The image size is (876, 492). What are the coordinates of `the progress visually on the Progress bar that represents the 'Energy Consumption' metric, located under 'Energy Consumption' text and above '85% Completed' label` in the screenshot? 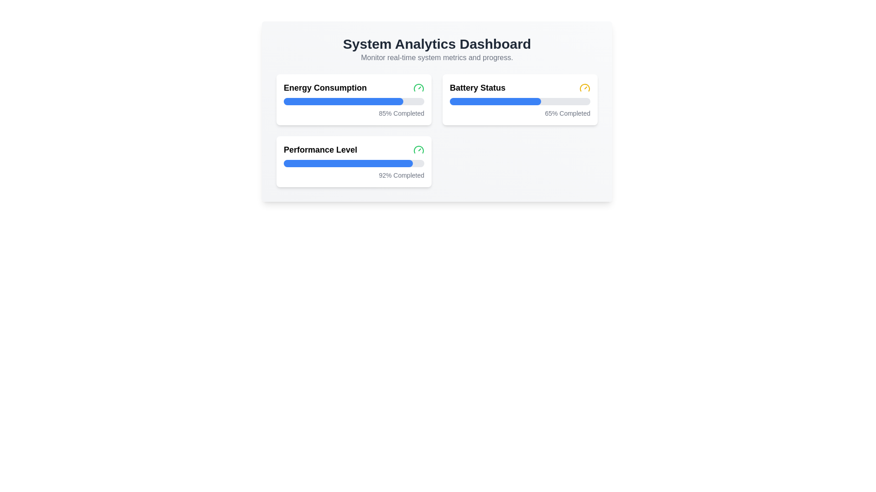 It's located at (343, 102).